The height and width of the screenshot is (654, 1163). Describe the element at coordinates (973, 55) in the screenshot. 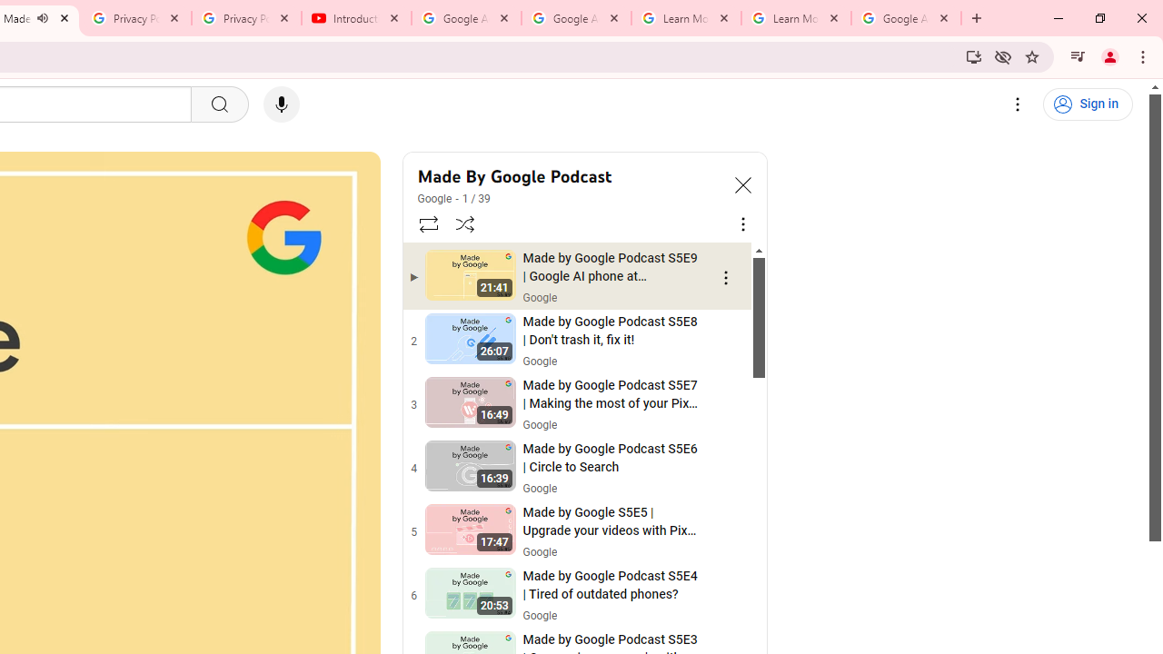

I see `'Install YouTube'` at that location.